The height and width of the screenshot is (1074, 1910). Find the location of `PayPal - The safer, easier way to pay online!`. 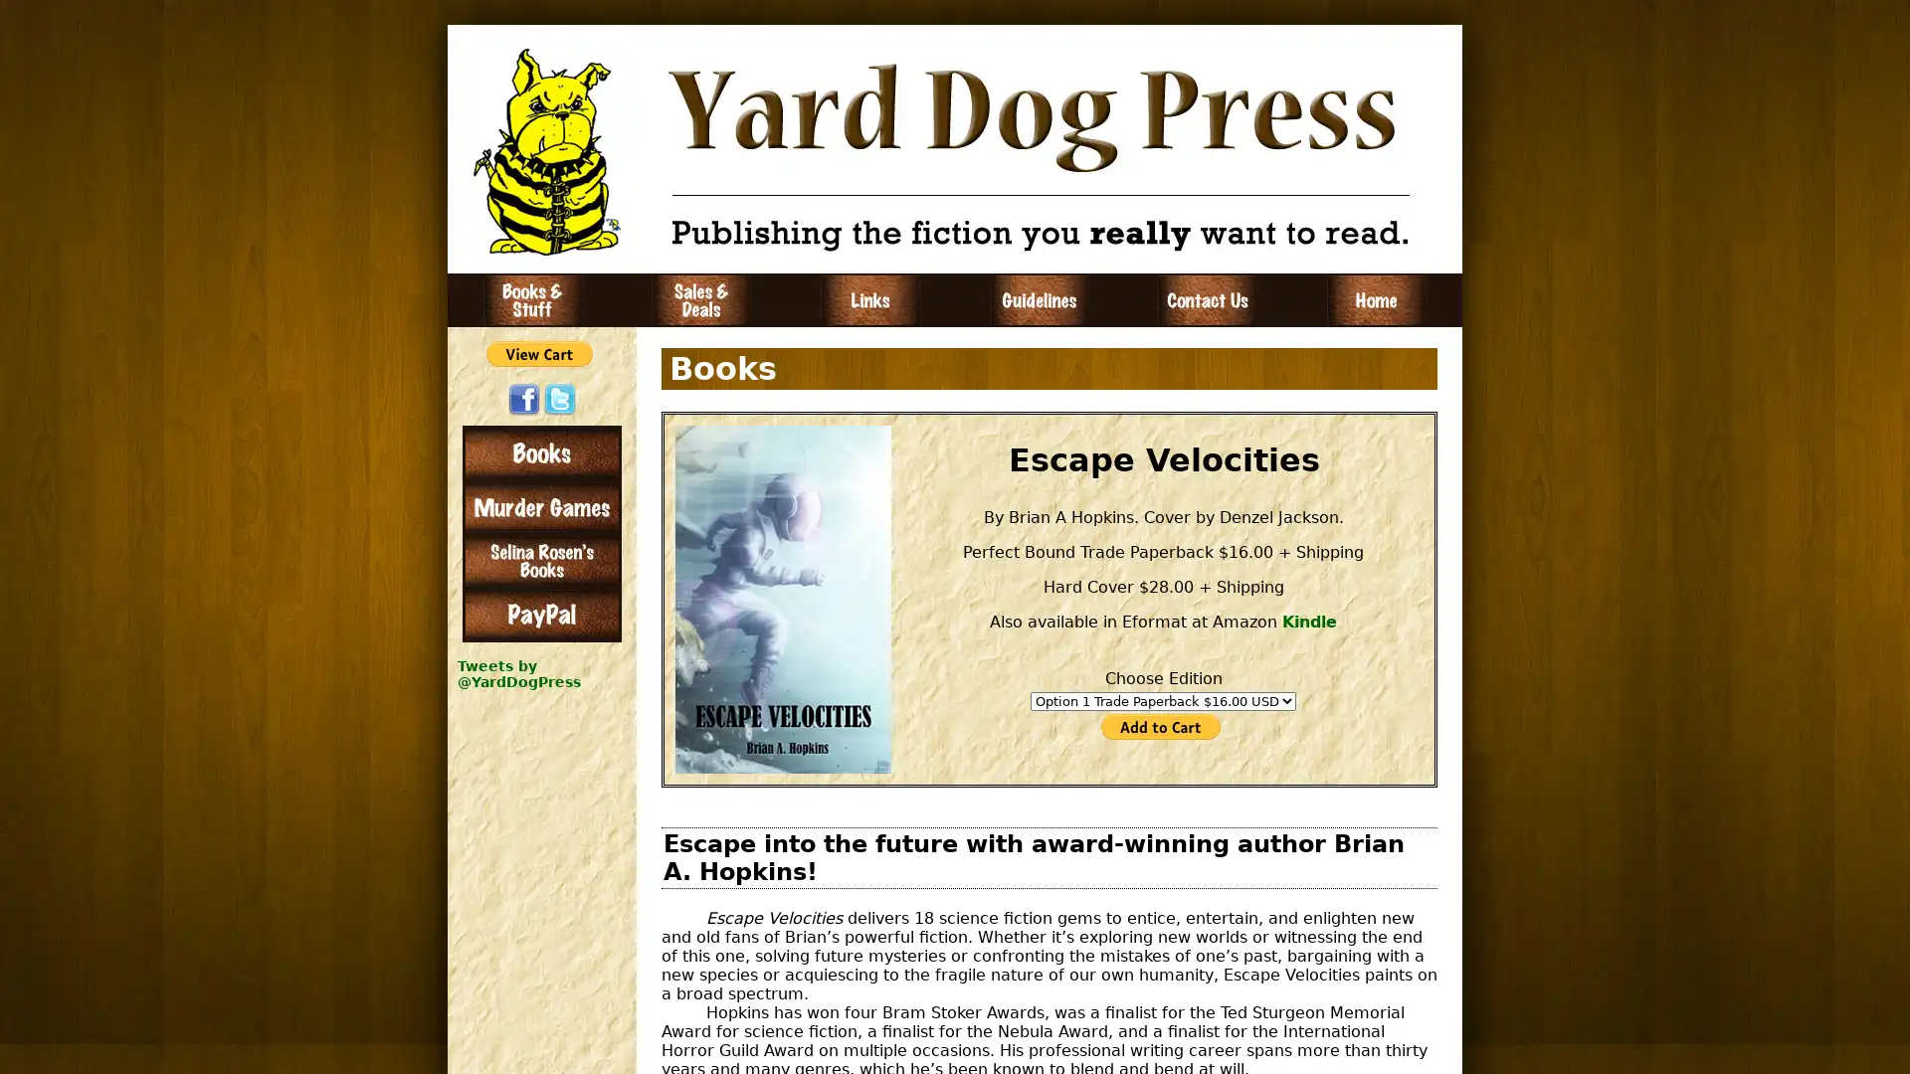

PayPal - The safer, easier way to pay online! is located at coordinates (1160, 725).